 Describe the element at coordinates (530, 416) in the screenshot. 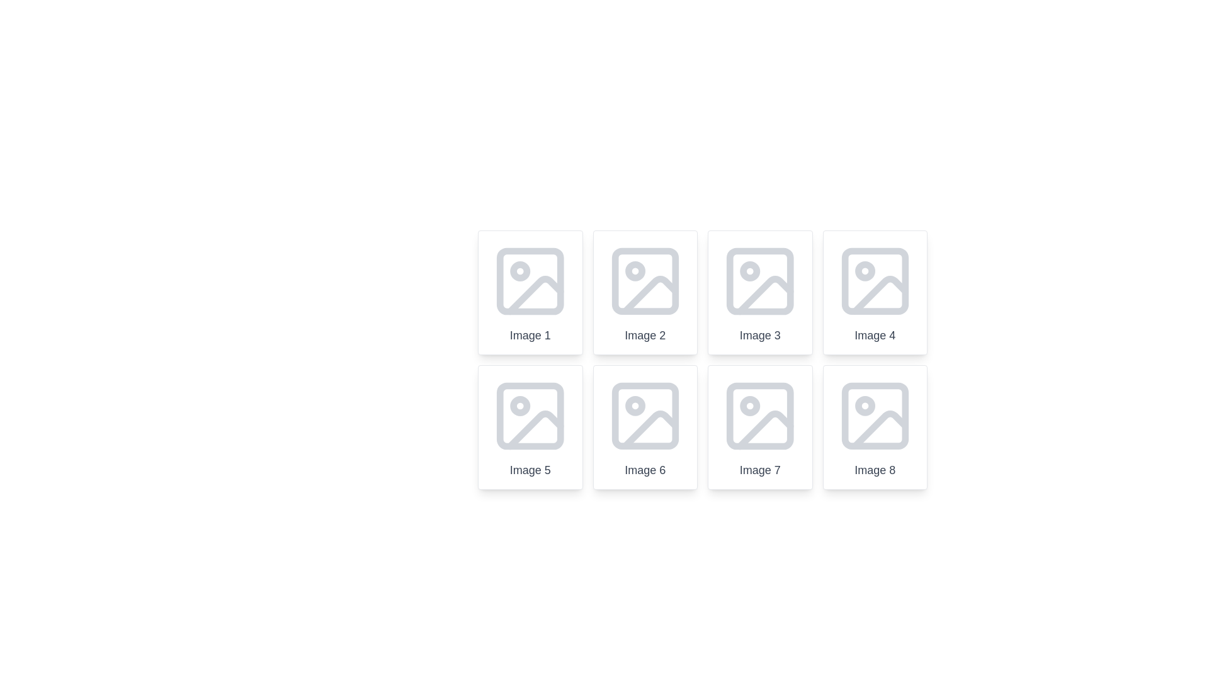

I see `the Image placeholder icon, which is a square graphical placeholder with a light gray border and a central image representation` at that location.